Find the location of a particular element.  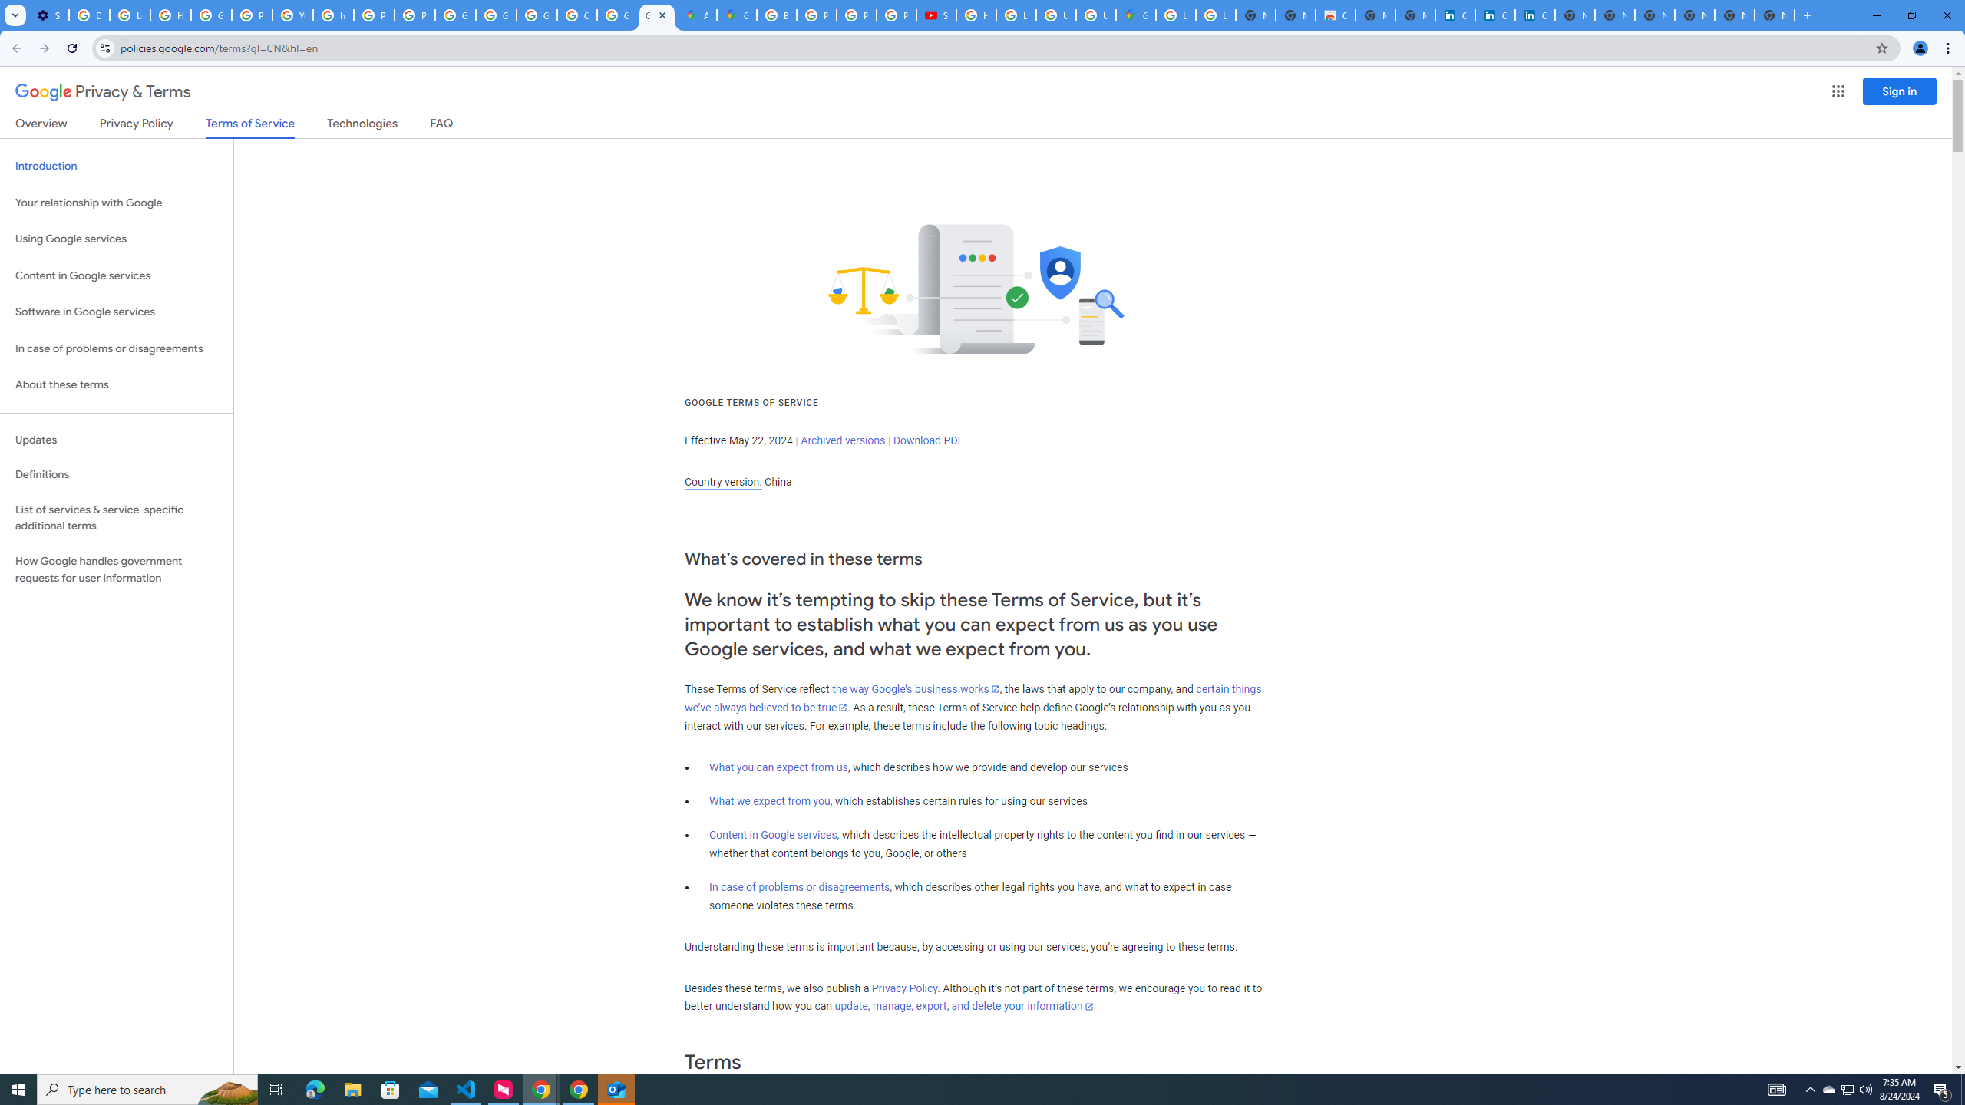

'Using Google services' is located at coordinates (116, 238).